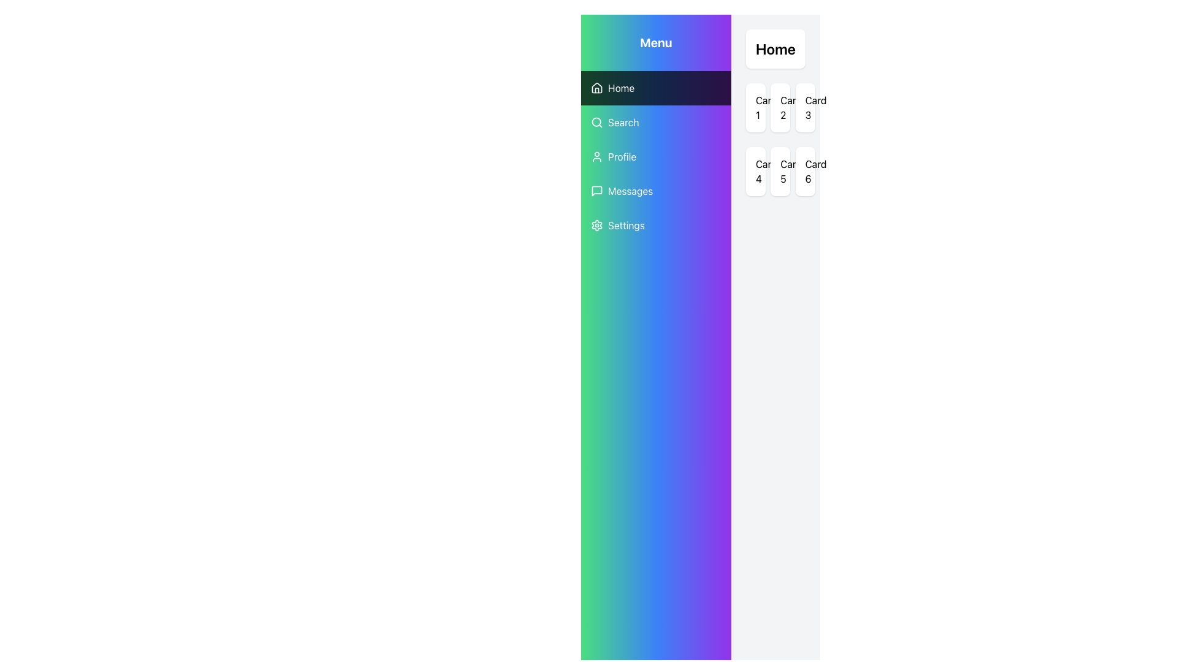 This screenshot has width=1177, height=662. What do you see at coordinates (627, 225) in the screenshot?
I see `the 'Settings' text label in the vertical menu` at bounding box center [627, 225].